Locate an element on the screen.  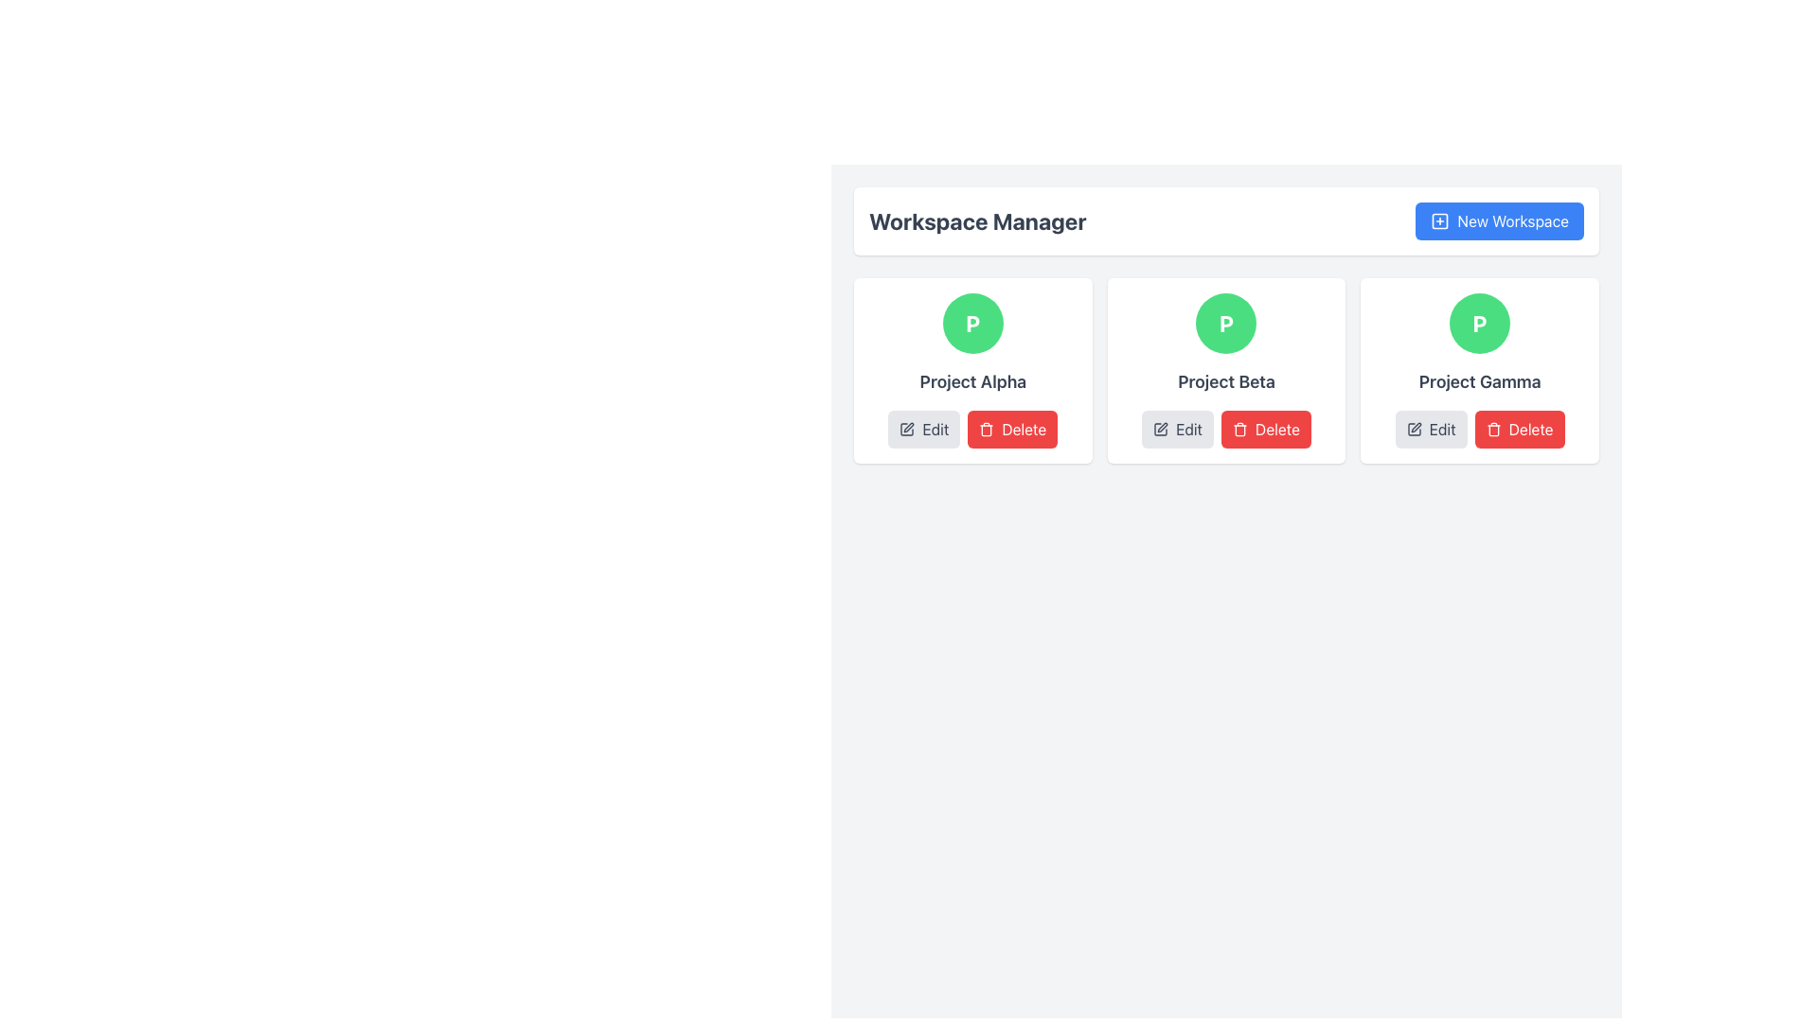
the delete icon located inside the red 'Delete' button for 'Project Beta', positioned to the left of the 'Delete' text is located at coordinates (1492, 430).